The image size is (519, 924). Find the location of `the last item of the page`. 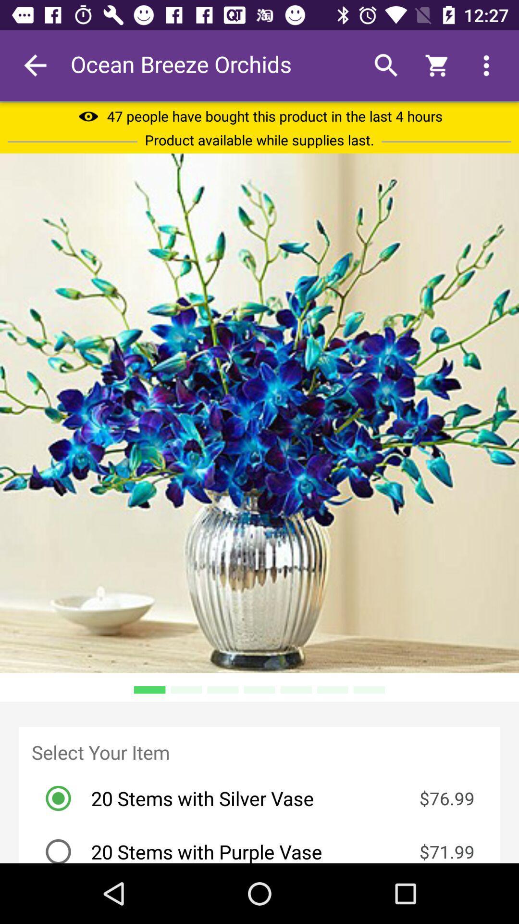

the last item of the page is located at coordinates (265, 844).